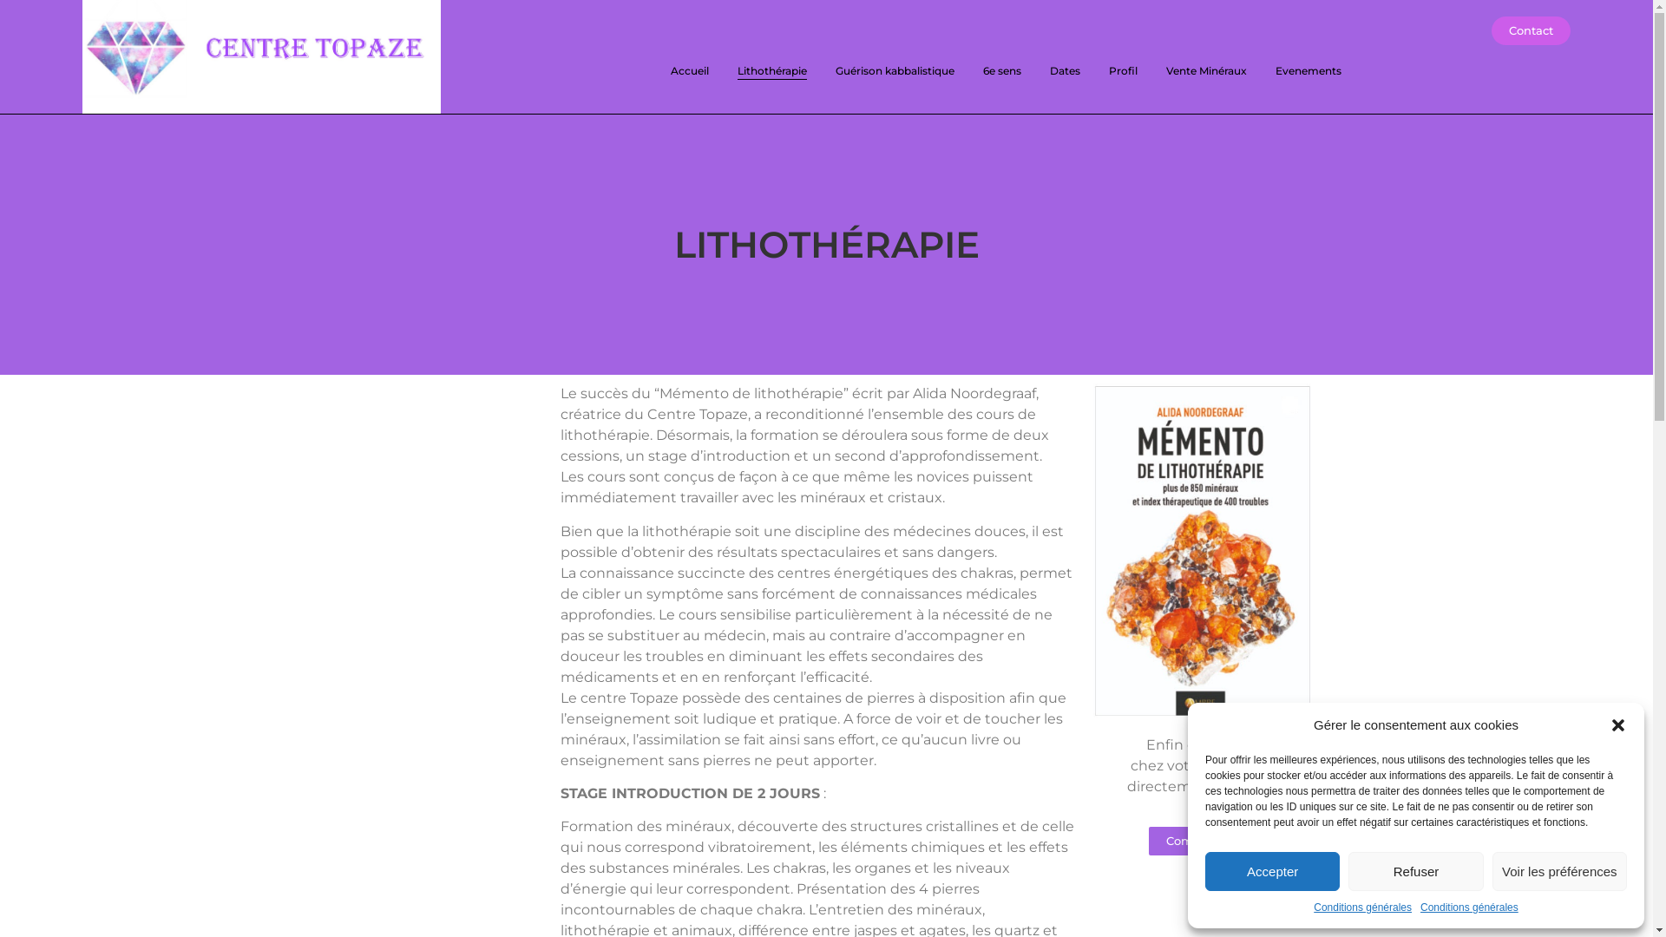 The width and height of the screenshot is (1666, 937). What do you see at coordinates (687, 69) in the screenshot?
I see `'Accueil'` at bounding box center [687, 69].